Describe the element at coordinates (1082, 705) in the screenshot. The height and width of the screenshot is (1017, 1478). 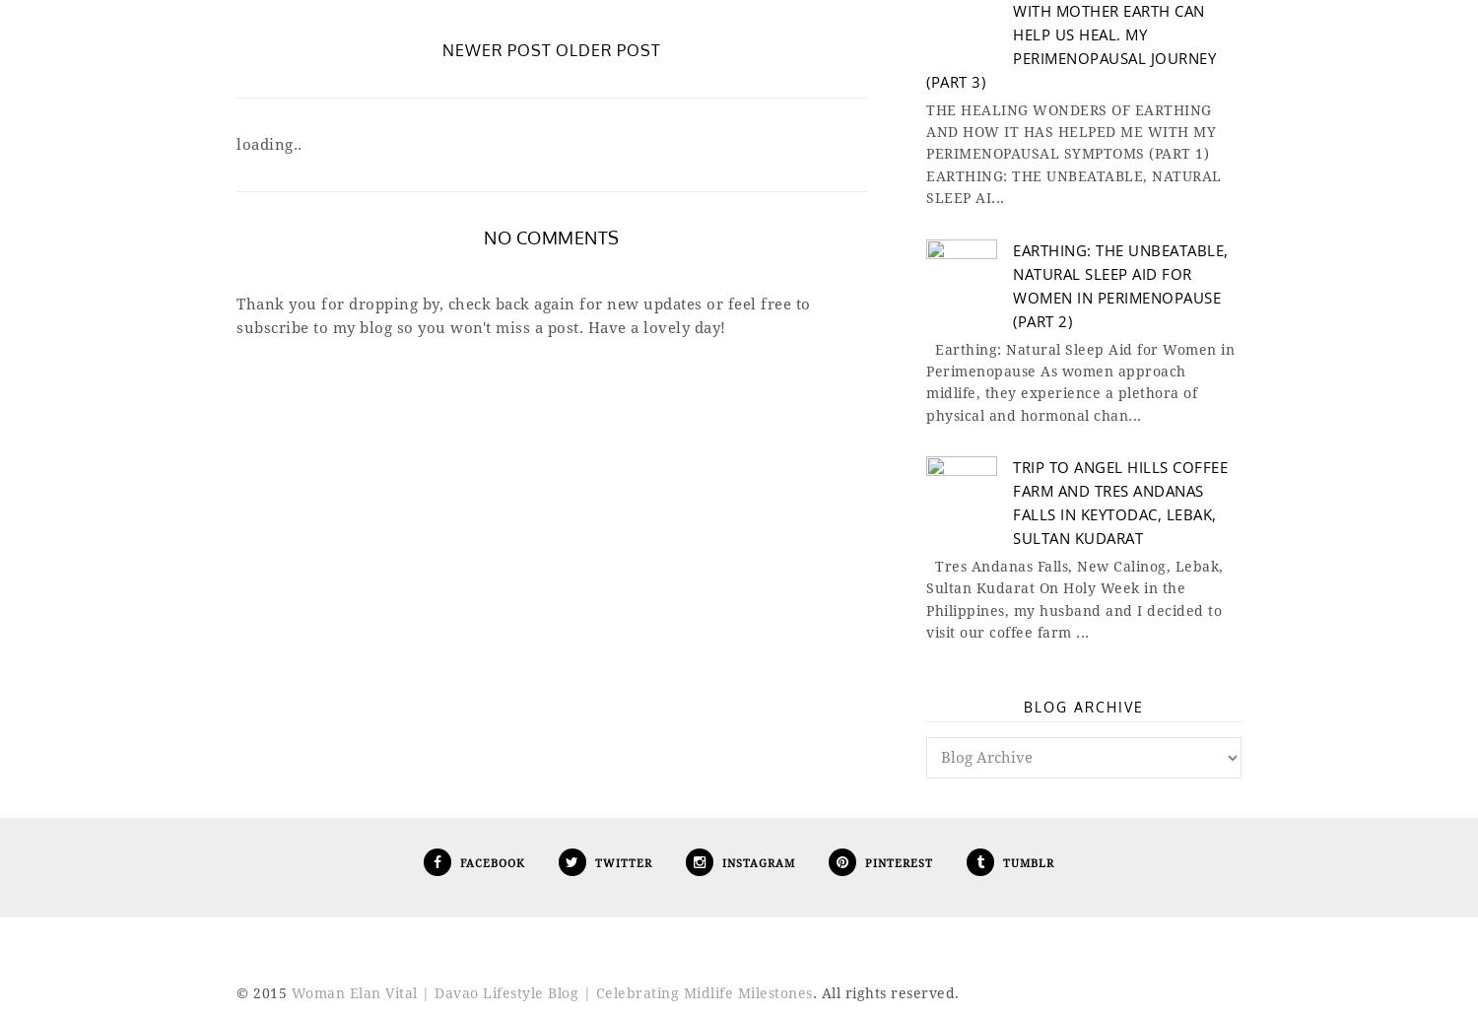
I see `'Blog Archive'` at that location.